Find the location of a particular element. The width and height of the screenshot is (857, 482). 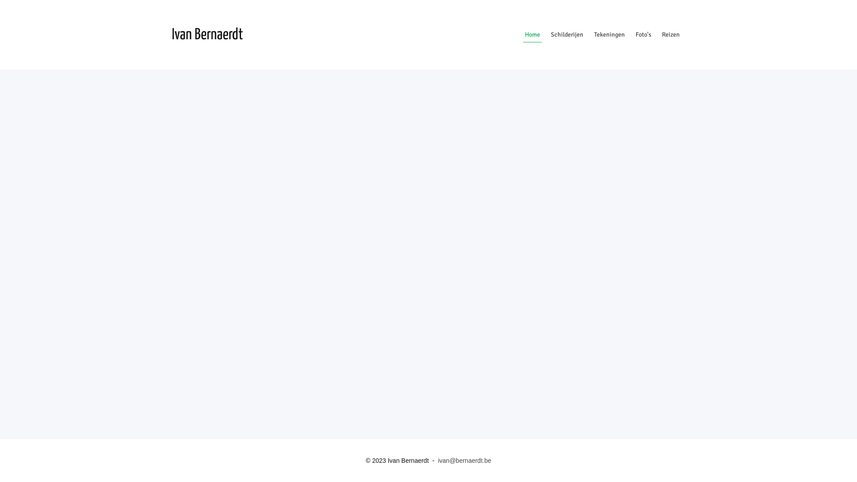

'Home' is located at coordinates (533, 34).